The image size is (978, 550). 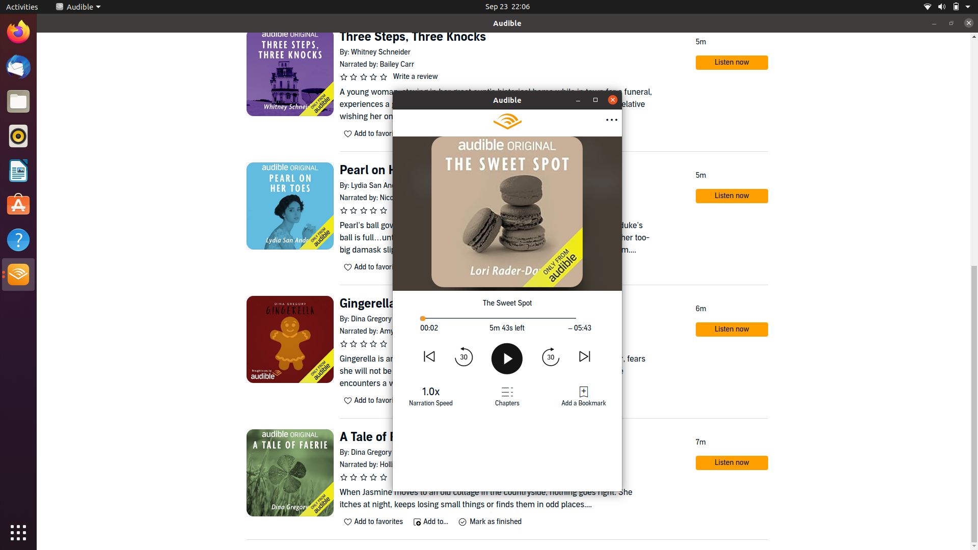 I want to click on Add to bookmark, so click(x=583, y=396).